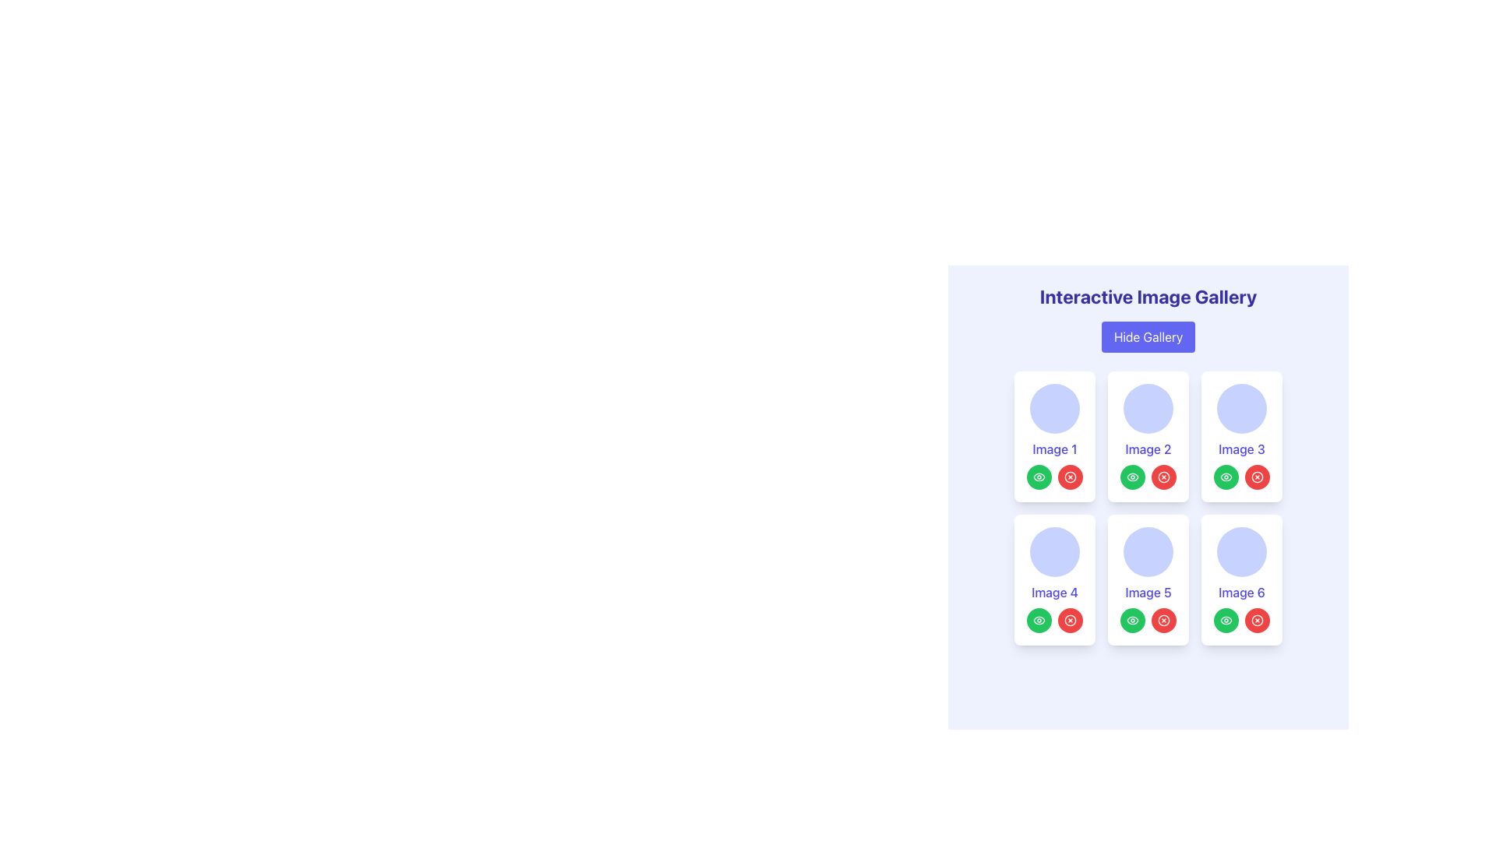 The image size is (1496, 841). Describe the element at coordinates (1039, 620) in the screenshot. I see `the green circular button with a white eye icon located below 'Image 4' to visualize its hover effects` at that location.